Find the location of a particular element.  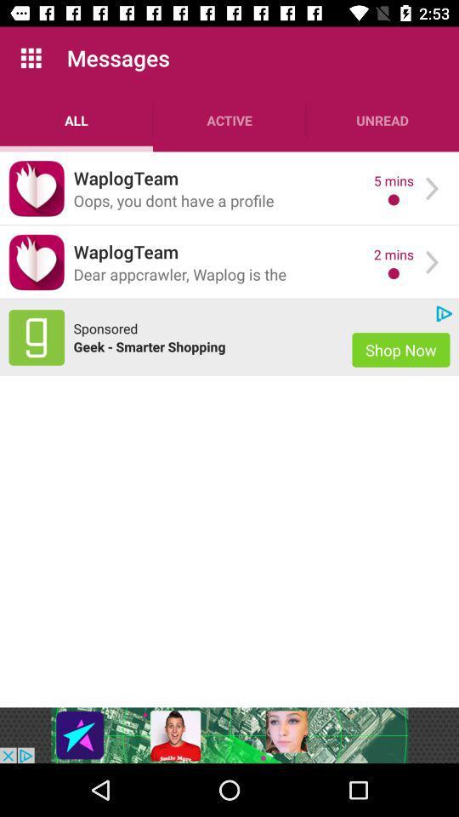

favorited is located at coordinates (37, 262).